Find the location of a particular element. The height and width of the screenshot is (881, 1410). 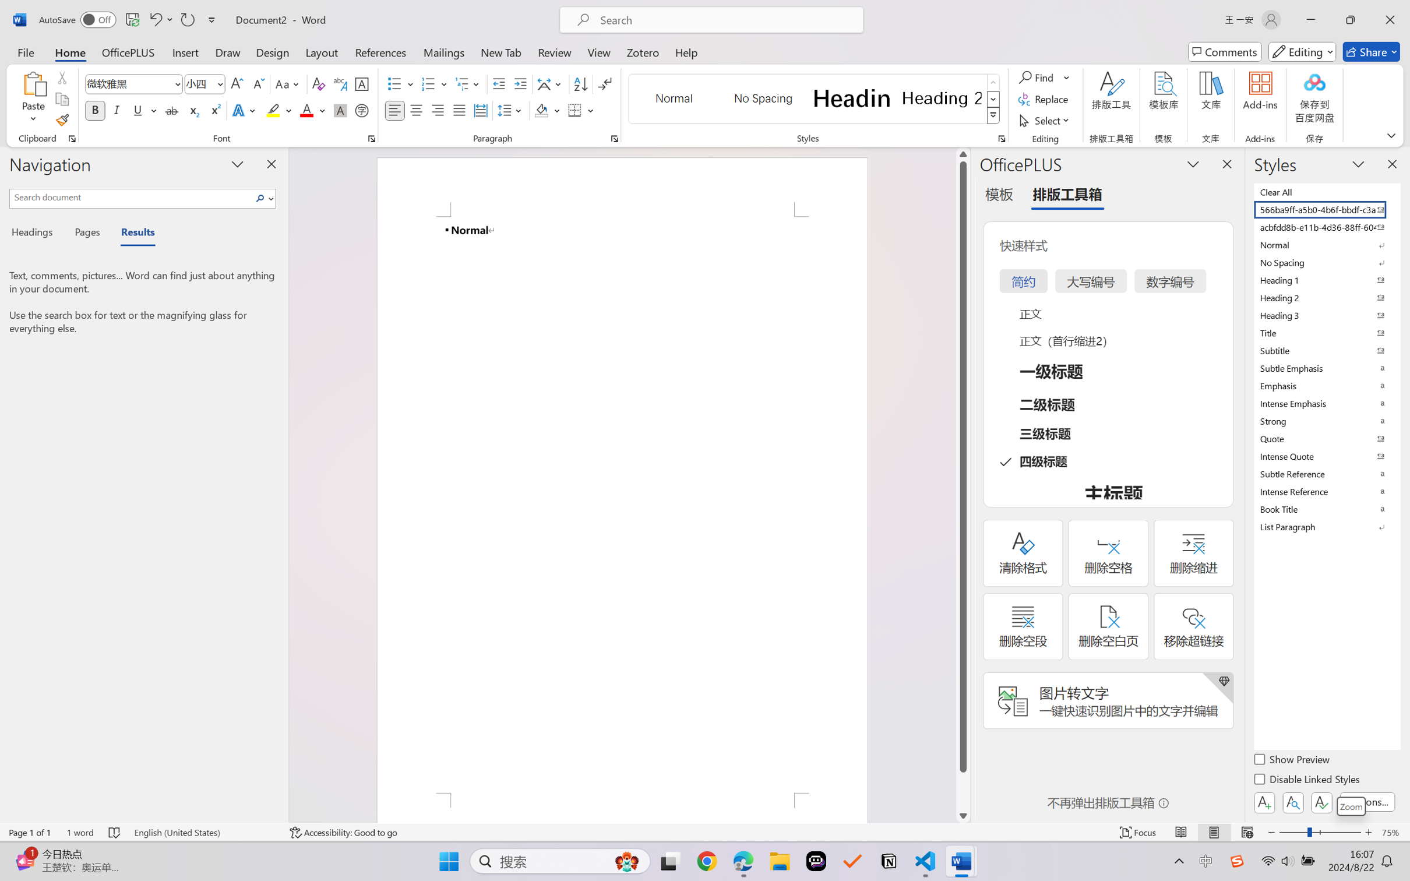

'Share' is located at coordinates (1370, 51).